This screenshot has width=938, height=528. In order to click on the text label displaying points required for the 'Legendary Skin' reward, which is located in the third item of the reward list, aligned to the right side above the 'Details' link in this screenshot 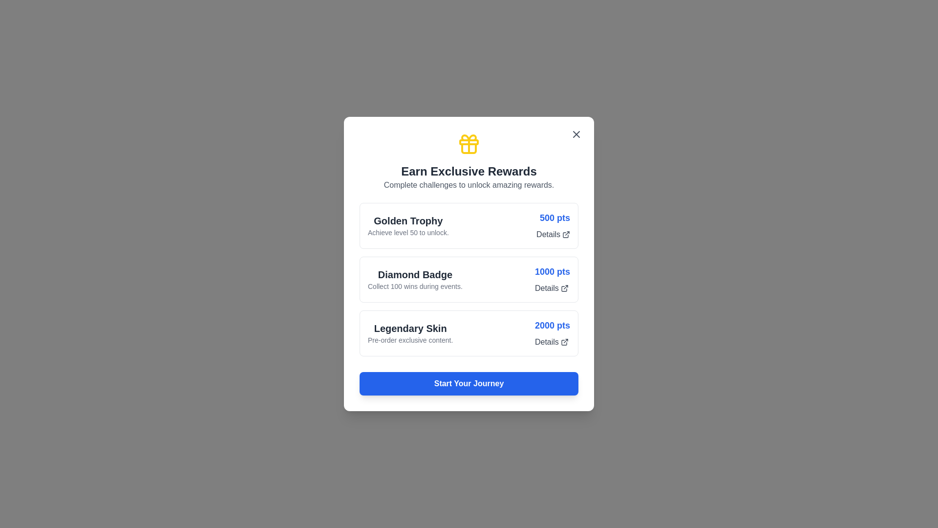, I will do `click(553, 326)`.